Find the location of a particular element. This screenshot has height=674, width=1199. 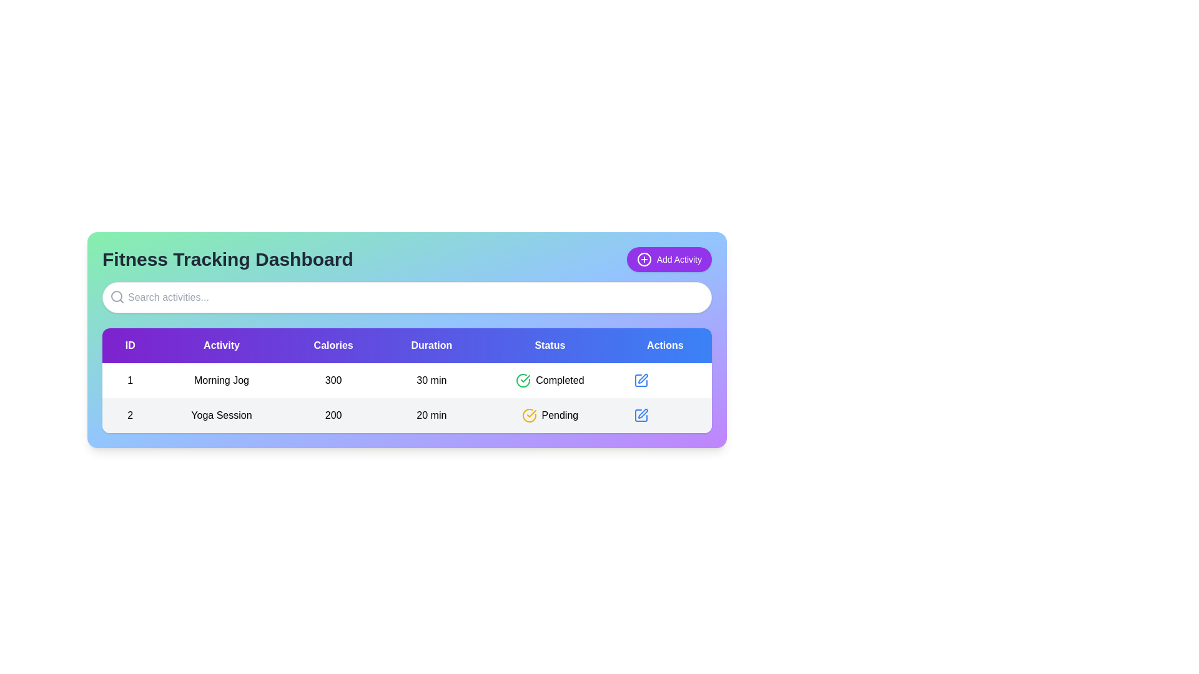

the 'Add Activity' button, which is a rounded rectangular button with a purple background and white text, located in the far right section of the 'Fitness Tracking Dashboard' header is located at coordinates (668, 259).